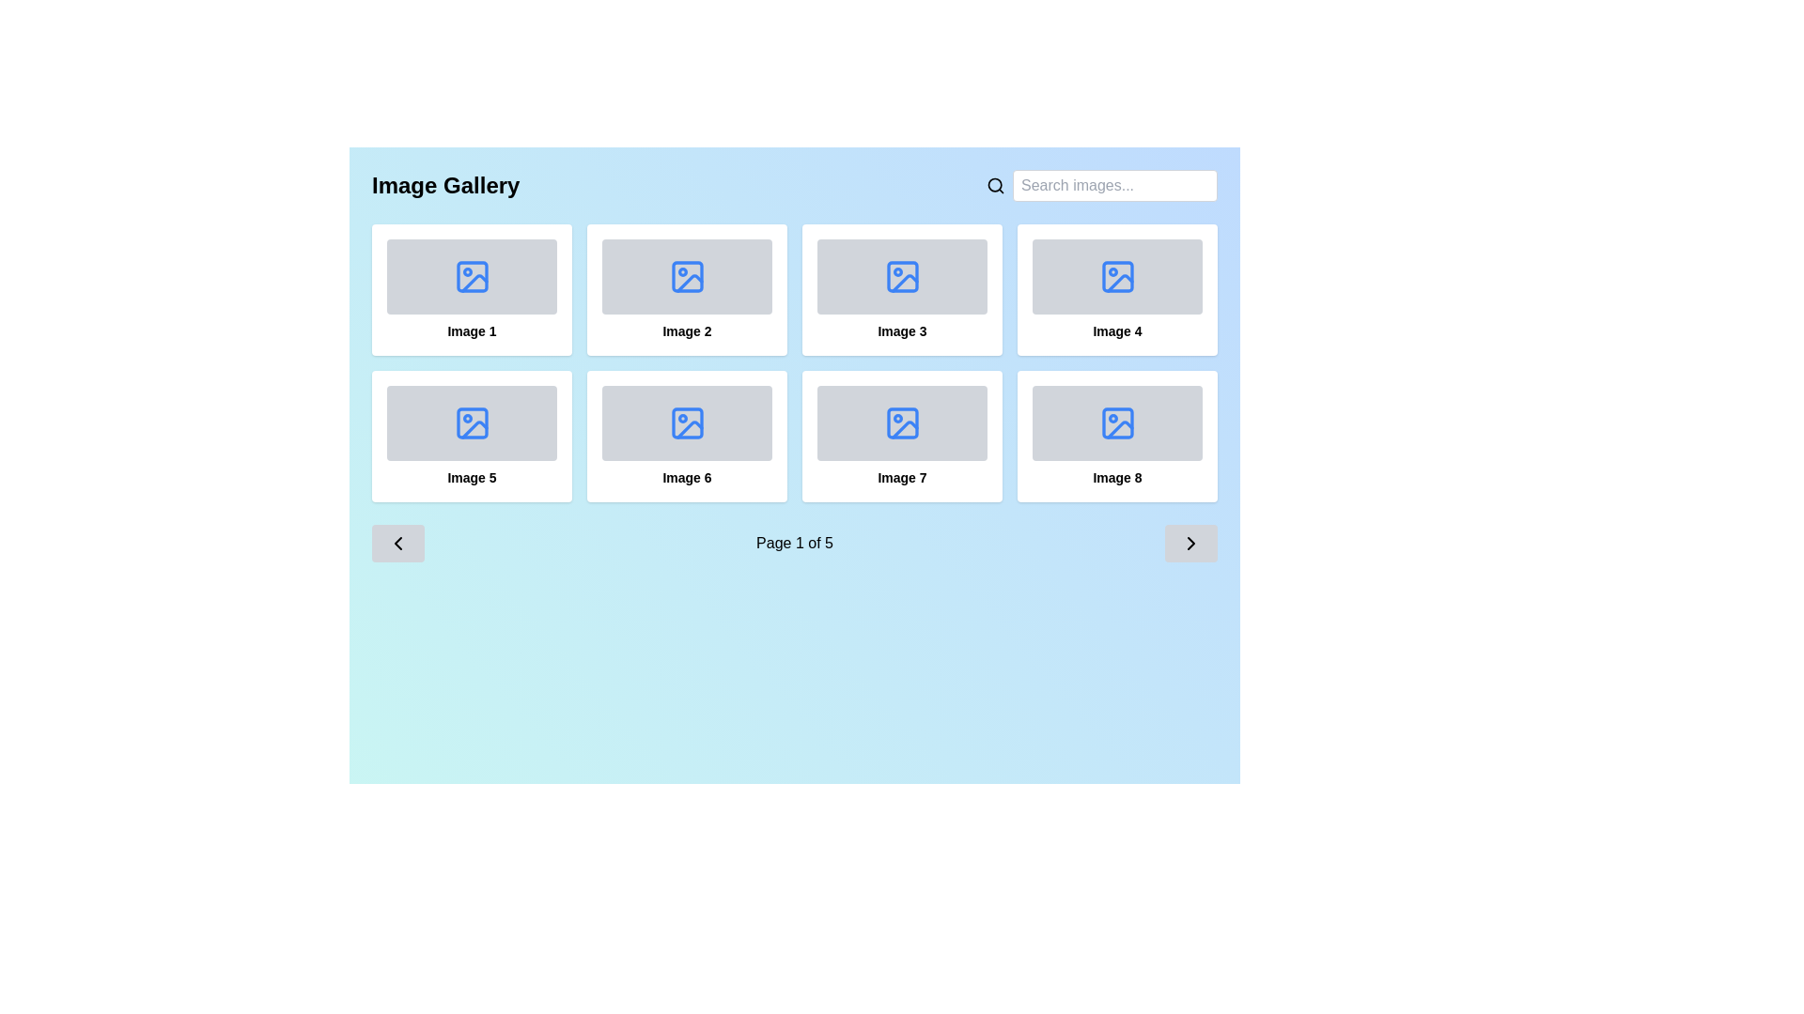  Describe the element at coordinates (1117, 423) in the screenshot. I see `the Image placeholder icon located at the bottom-right of the grid layout` at that location.